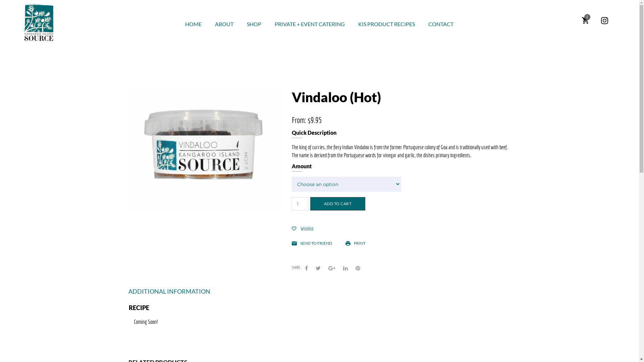 The width and height of the screenshot is (644, 362). I want to click on 'CONTACT', so click(441, 24).